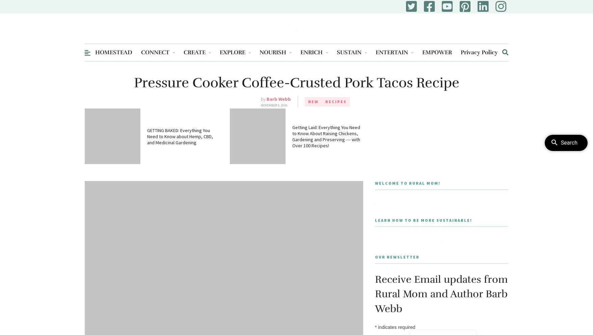 This screenshot has width=593, height=335. What do you see at coordinates (376, 52) in the screenshot?
I see `'ENTERTAIN'` at bounding box center [376, 52].